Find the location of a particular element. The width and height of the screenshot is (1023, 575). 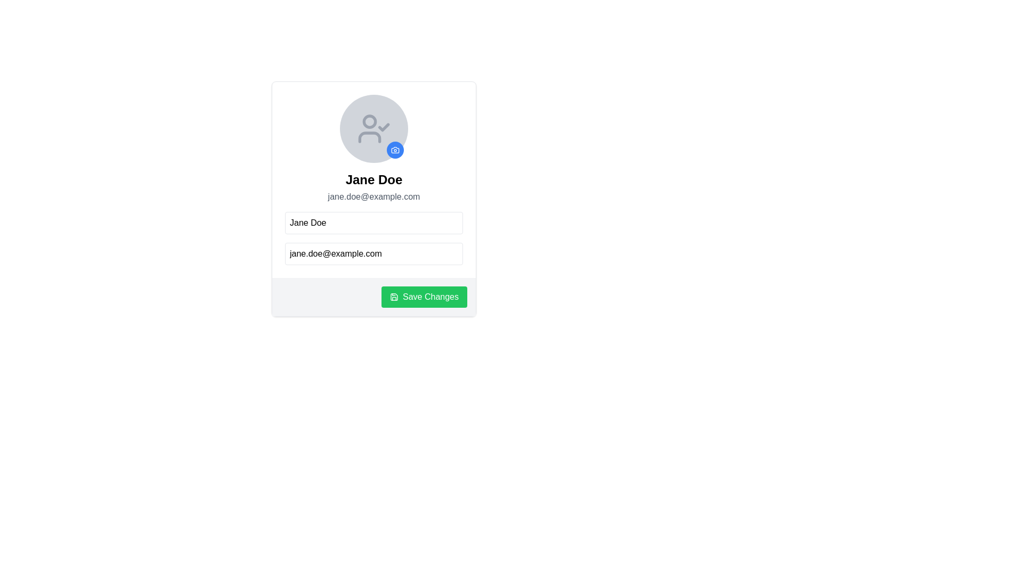

the floppy disk icon located within the 'Save Changes' button at the bottom of the user profile card section is located at coordinates (393, 297).